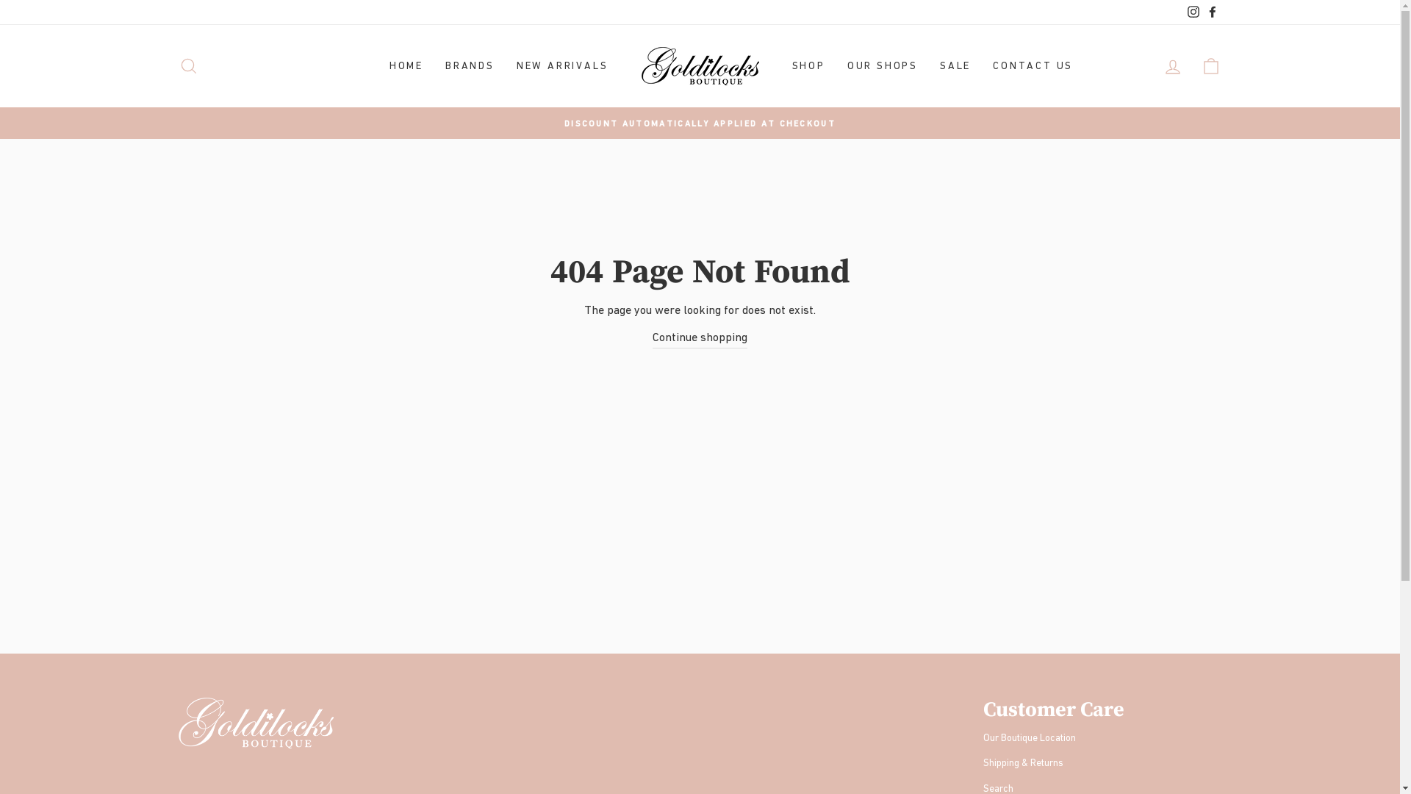 The height and width of the screenshot is (794, 1411). Describe the element at coordinates (807, 66) in the screenshot. I see `'SHOP'` at that location.